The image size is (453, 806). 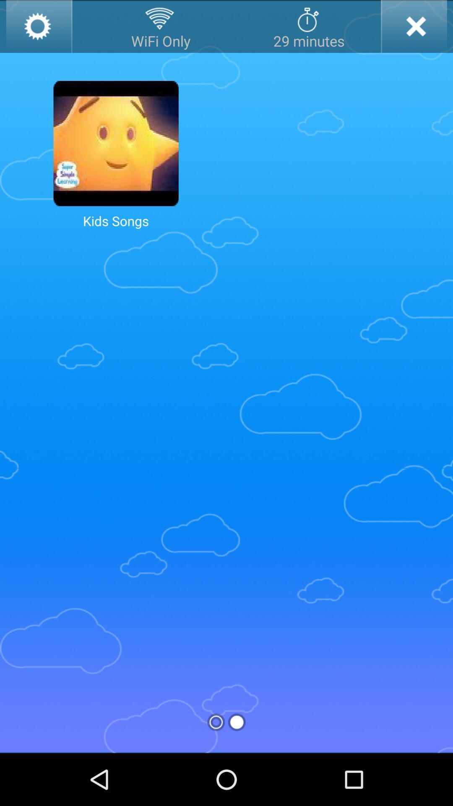 I want to click on app, so click(x=413, y=26).